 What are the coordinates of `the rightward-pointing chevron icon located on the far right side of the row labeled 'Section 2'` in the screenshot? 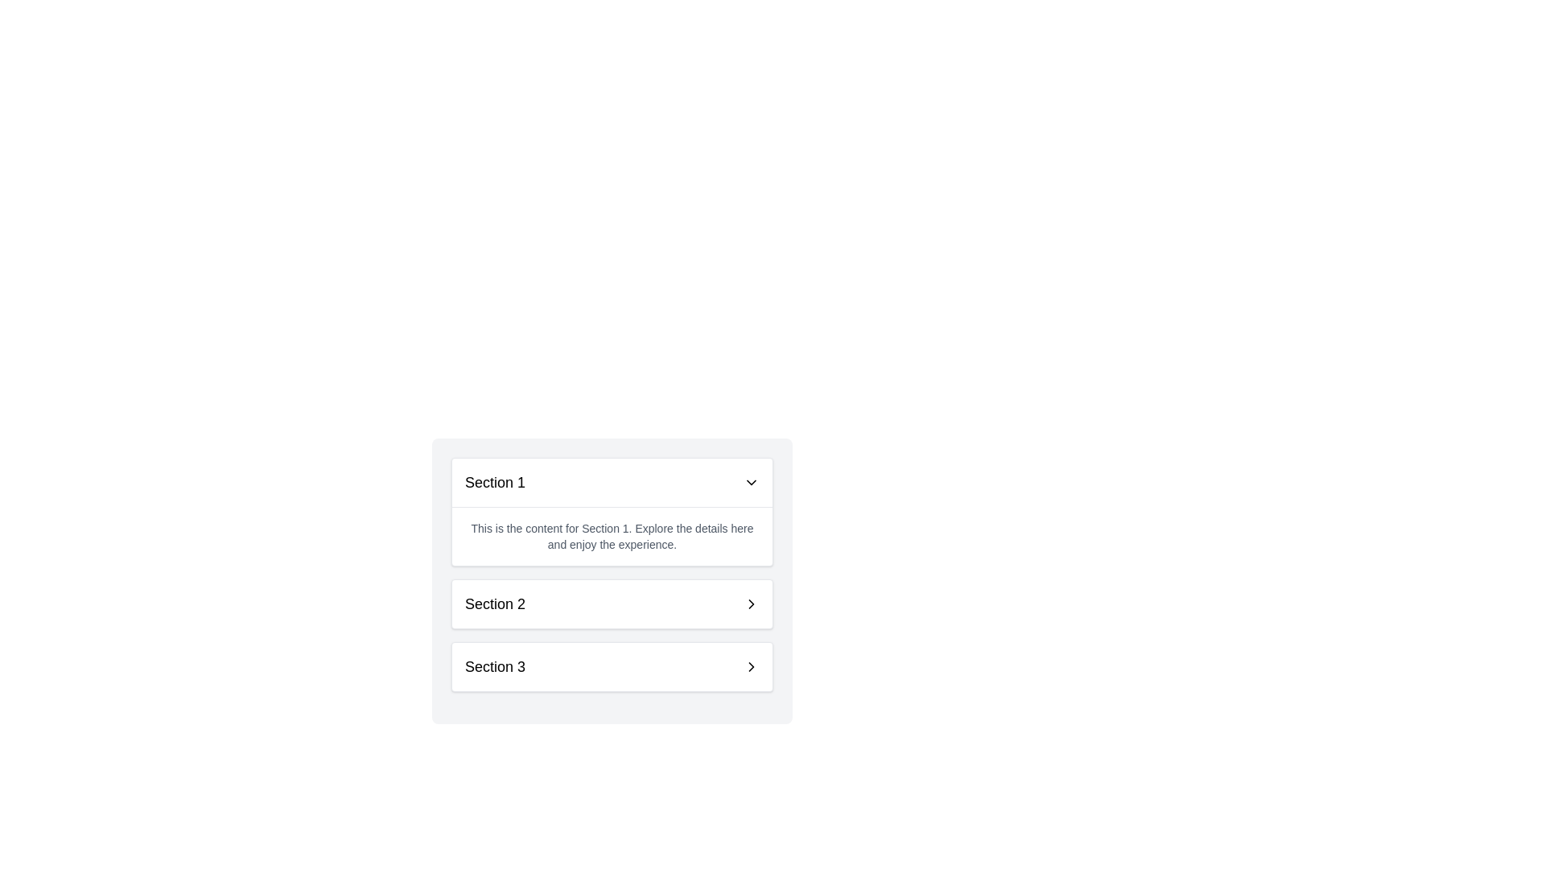 It's located at (751, 604).